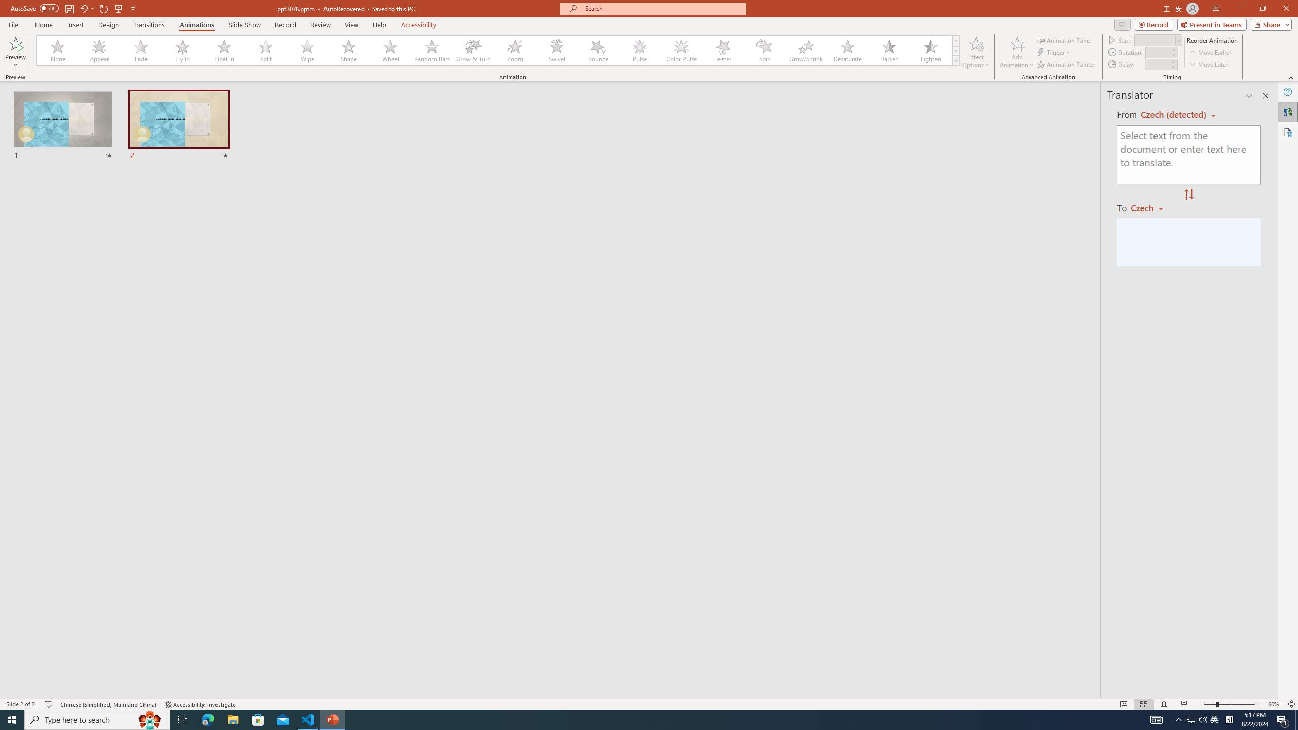 The image size is (1298, 730). I want to click on 'Lighten', so click(930, 50).